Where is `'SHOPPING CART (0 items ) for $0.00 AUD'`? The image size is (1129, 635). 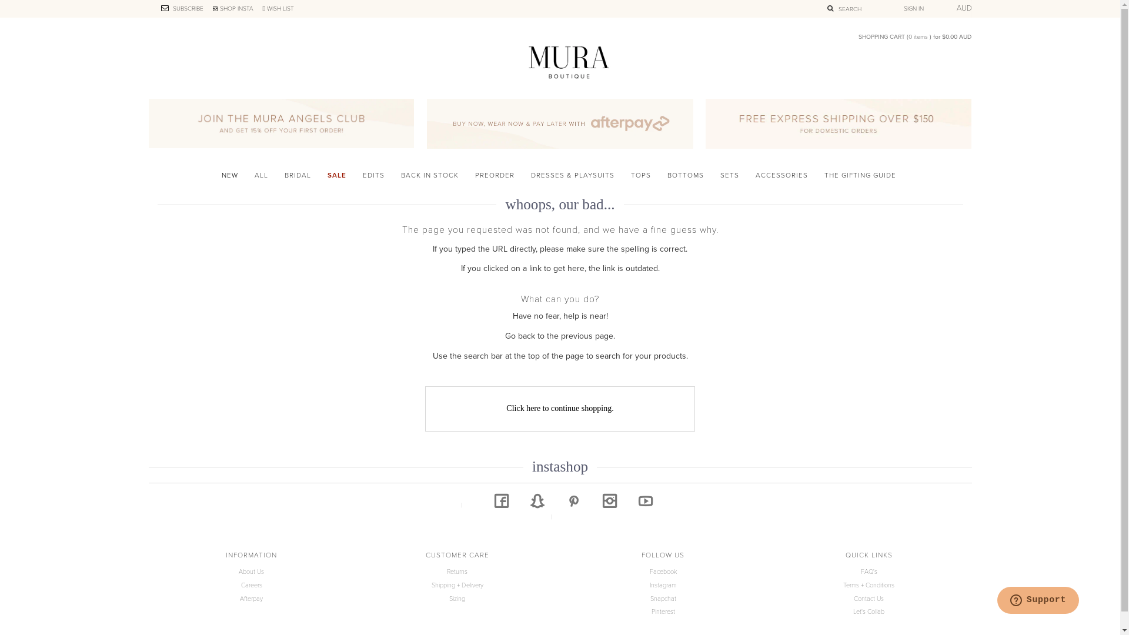 'SHOPPING CART (0 items ) for $0.00 AUD' is located at coordinates (858, 36).